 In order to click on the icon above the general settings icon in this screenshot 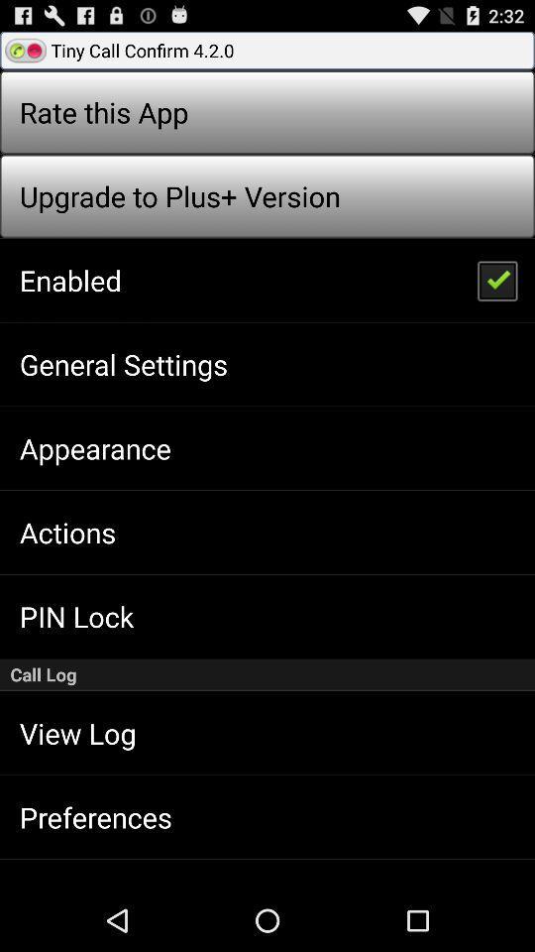, I will do `click(69, 279)`.